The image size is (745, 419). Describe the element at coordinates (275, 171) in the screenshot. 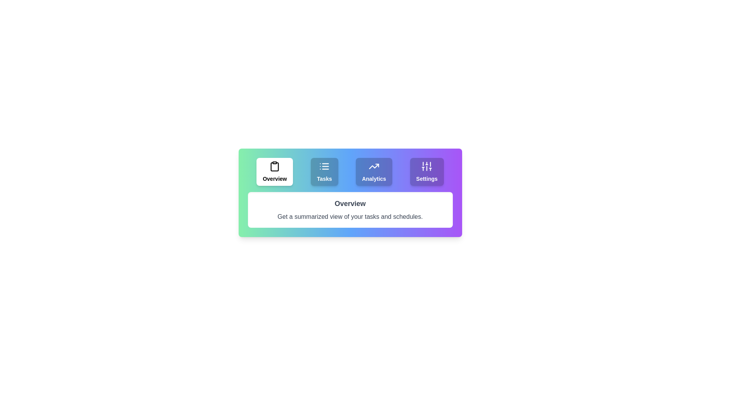

I see `the tab labeled Overview to observe its hover effect` at that location.